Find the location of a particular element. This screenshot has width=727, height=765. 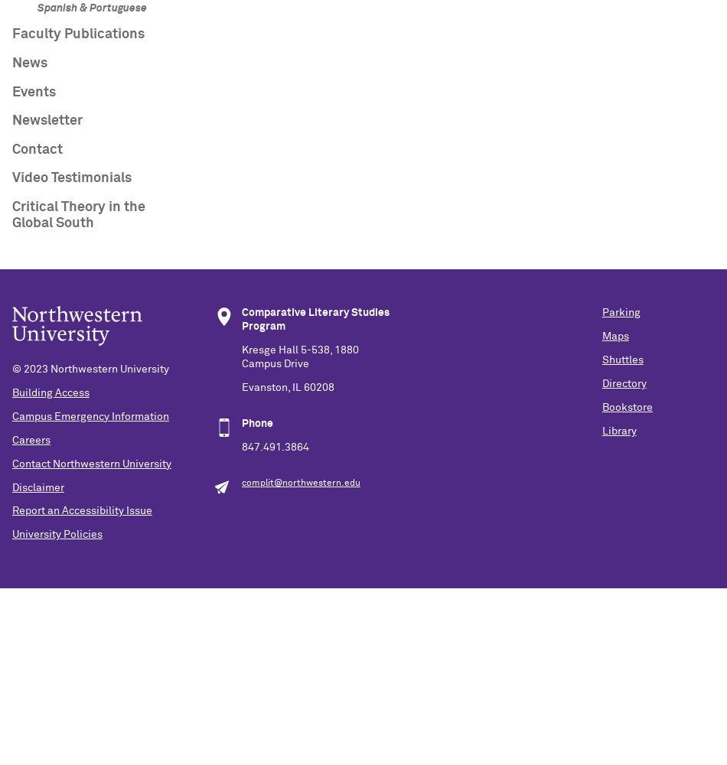

'Library' is located at coordinates (618, 431).